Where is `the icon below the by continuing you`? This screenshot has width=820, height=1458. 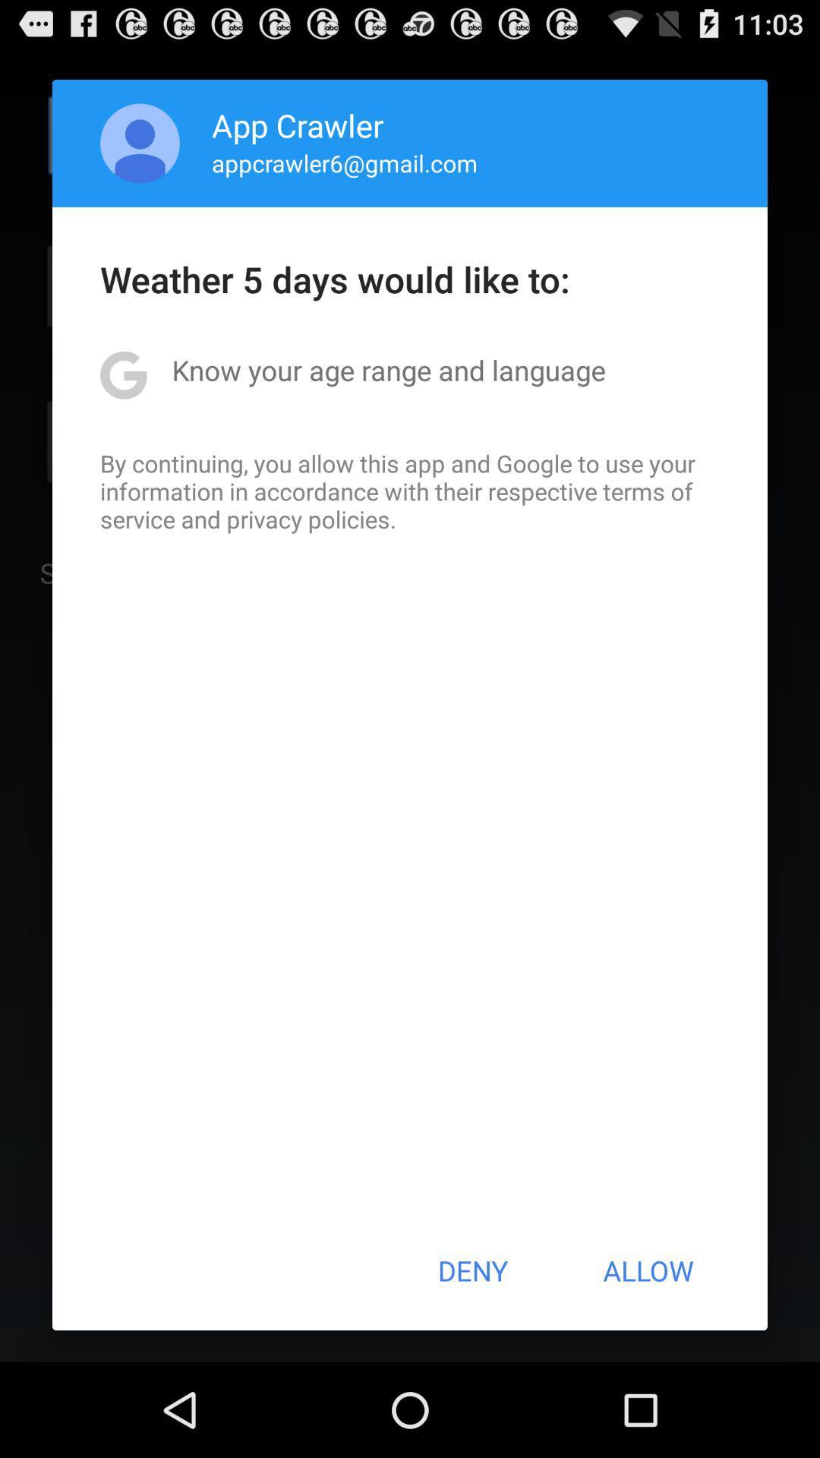
the icon below the by continuing you is located at coordinates (471, 1270).